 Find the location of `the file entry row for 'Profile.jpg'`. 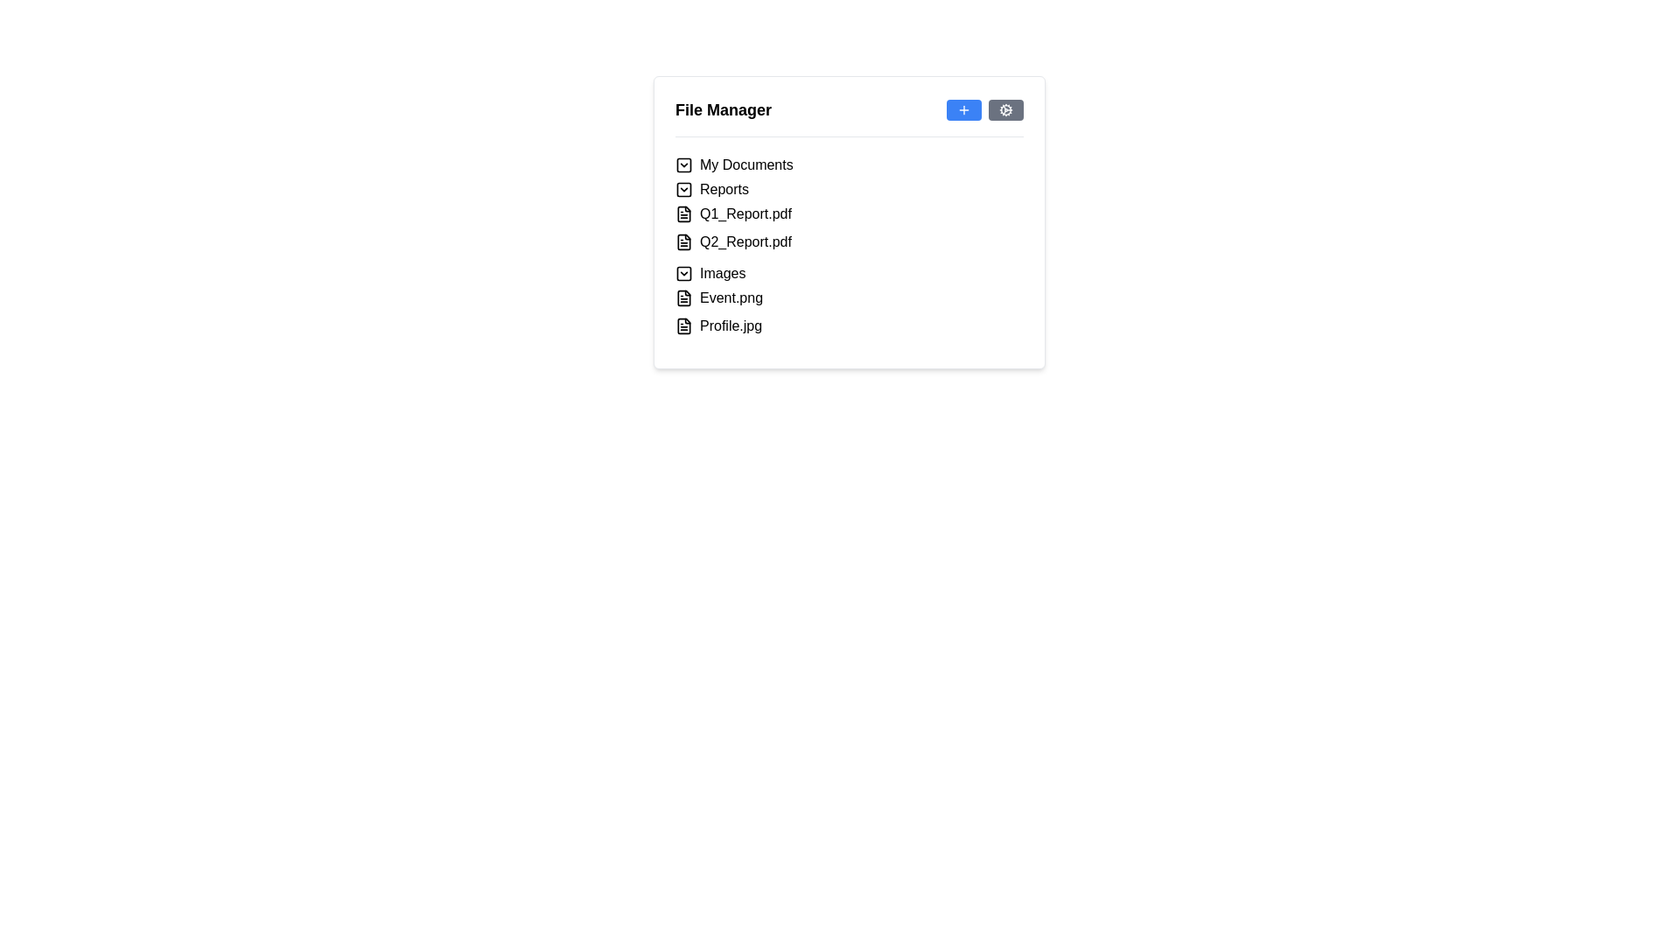

the file entry row for 'Profile.jpg' is located at coordinates (849, 326).